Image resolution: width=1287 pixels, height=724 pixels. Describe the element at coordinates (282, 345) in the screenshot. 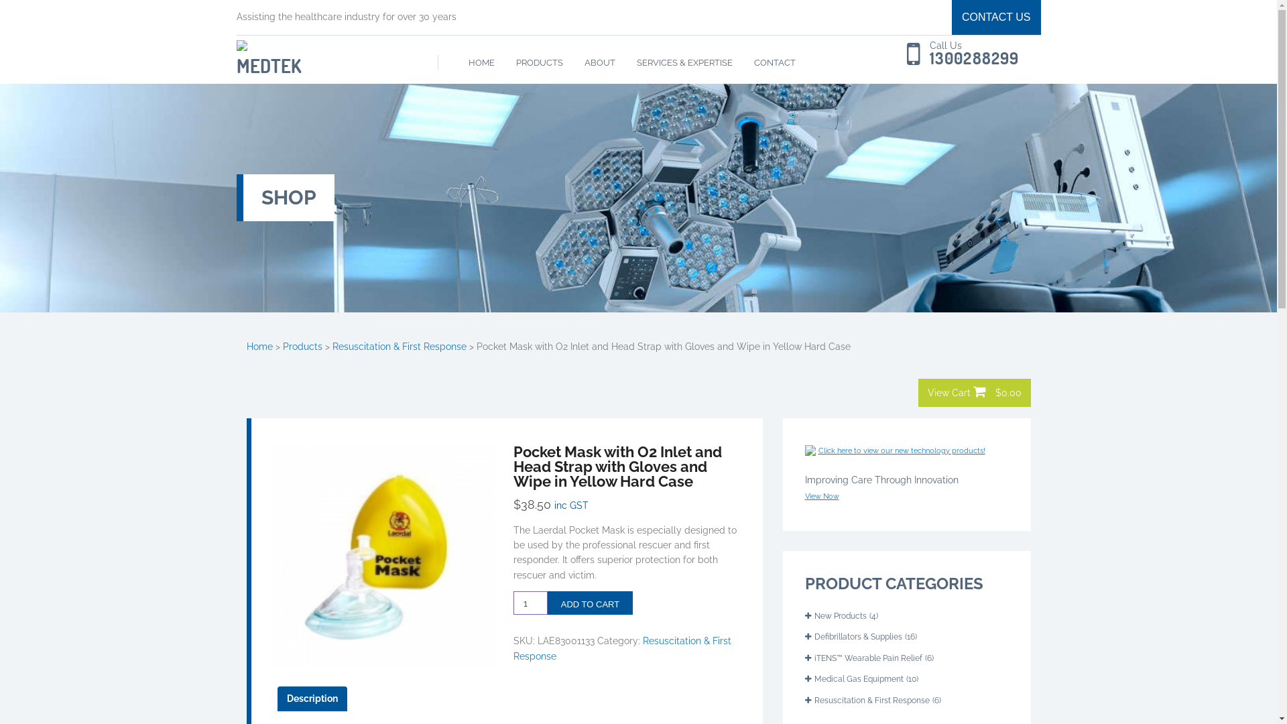

I see `'Products'` at that location.